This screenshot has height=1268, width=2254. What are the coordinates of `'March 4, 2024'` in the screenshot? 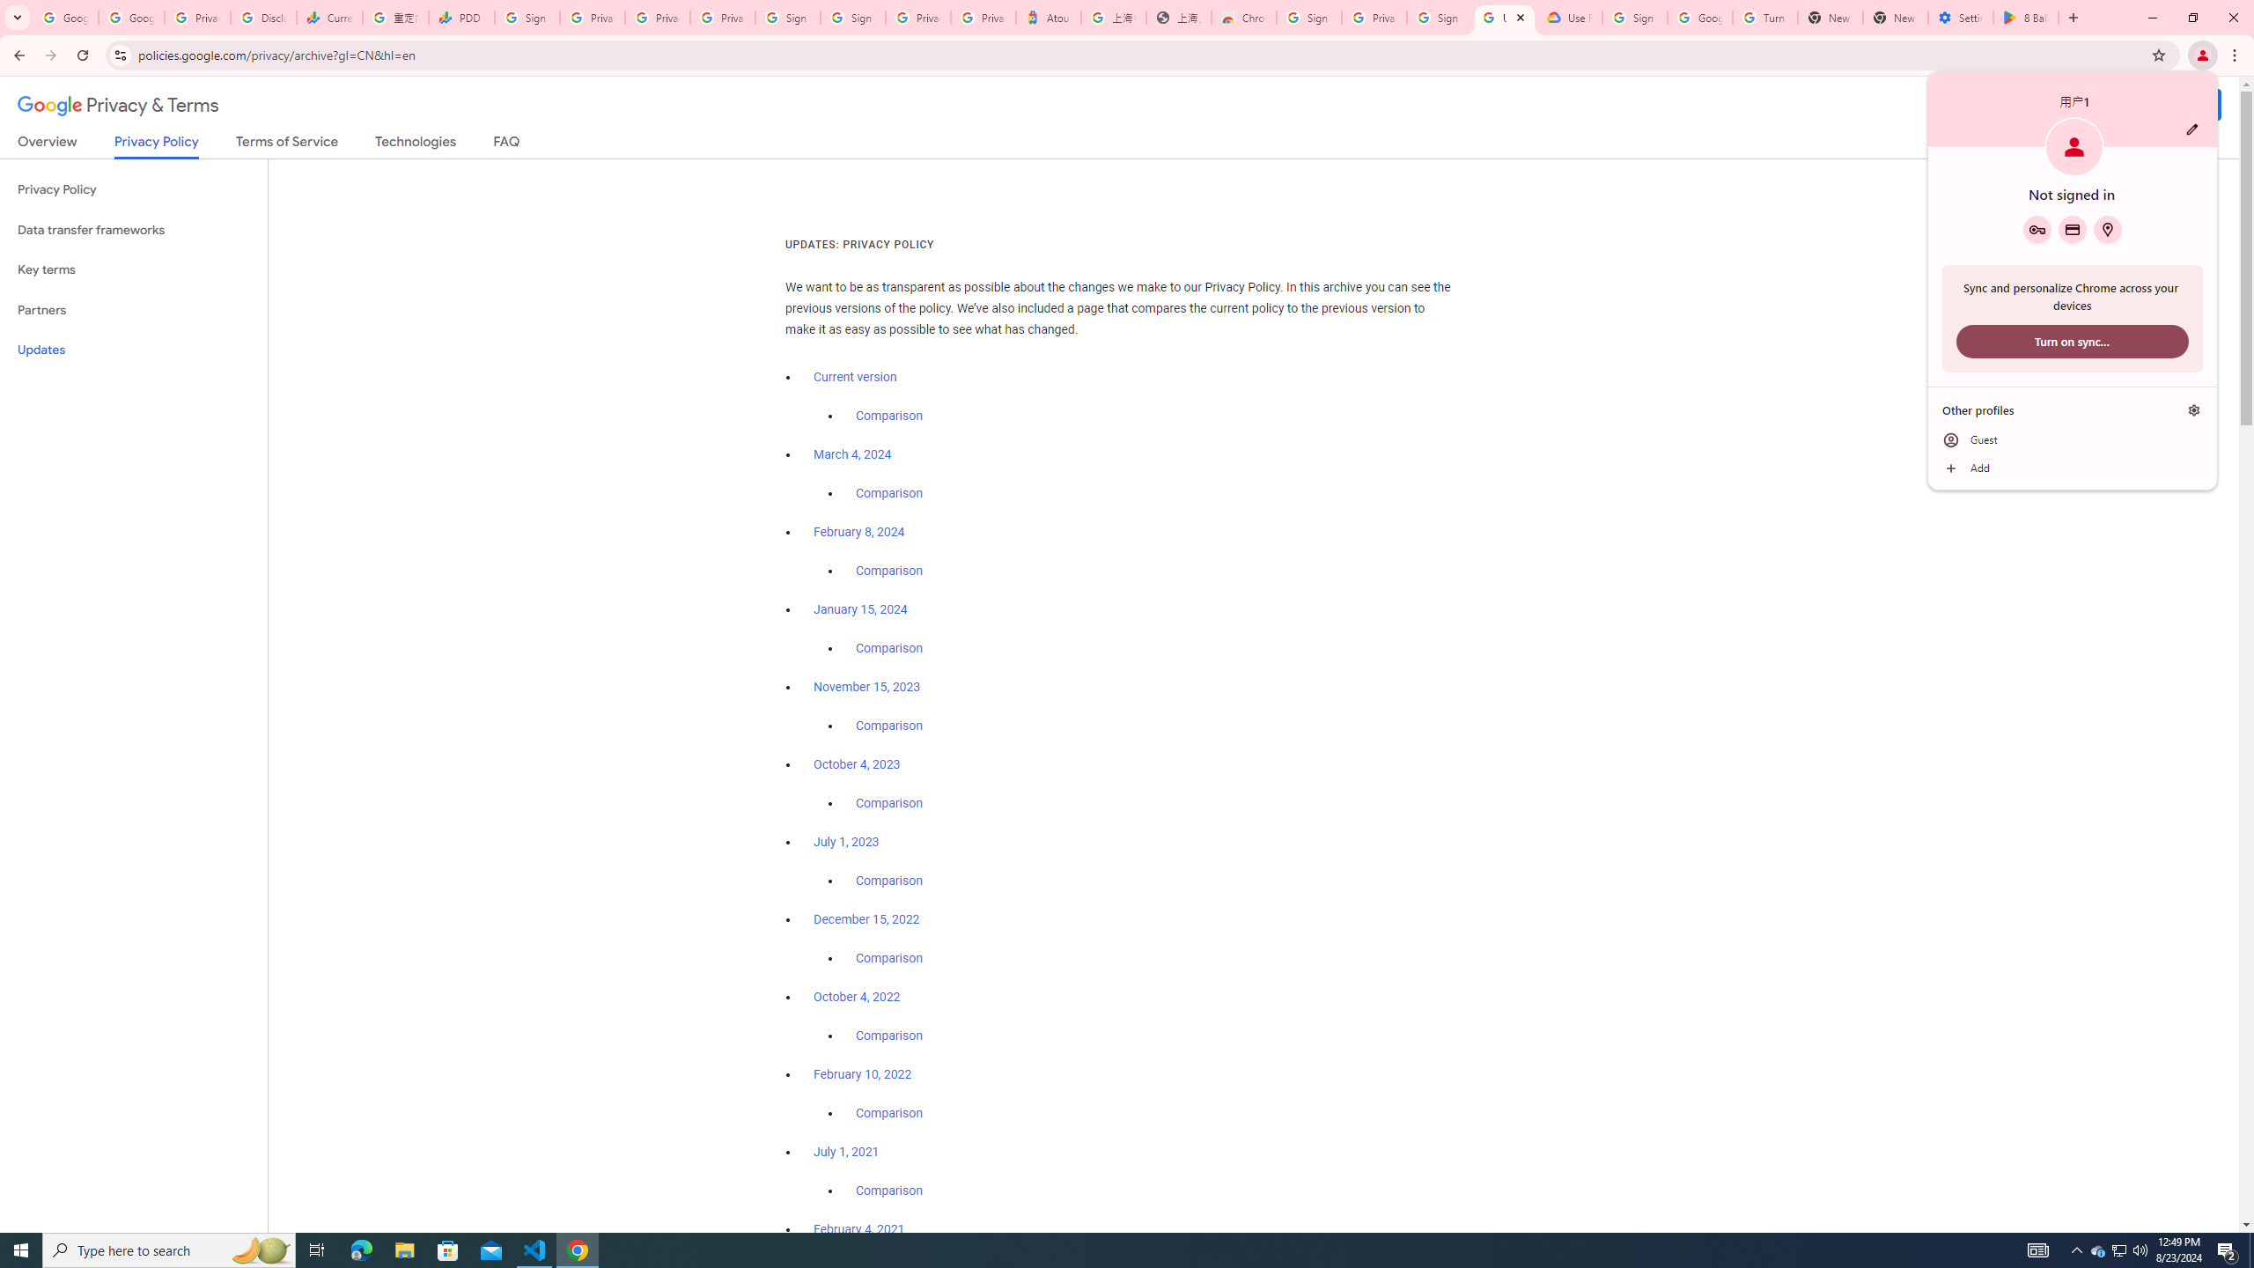 It's located at (851, 454).